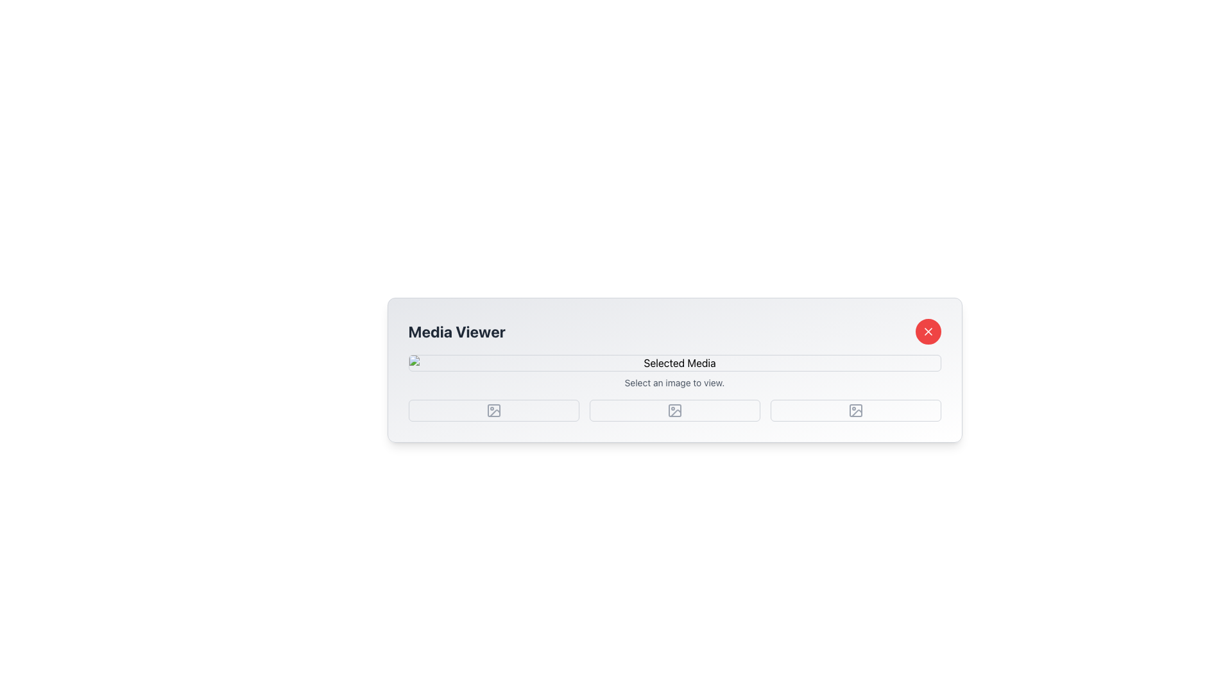 The width and height of the screenshot is (1232, 693). What do you see at coordinates (928, 330) in the screenshot?
I see `the close or dismiss button located at the upper-right corner of the 'Media Viewer' interface via keyboard navigation` at bounding box center [928, 330].